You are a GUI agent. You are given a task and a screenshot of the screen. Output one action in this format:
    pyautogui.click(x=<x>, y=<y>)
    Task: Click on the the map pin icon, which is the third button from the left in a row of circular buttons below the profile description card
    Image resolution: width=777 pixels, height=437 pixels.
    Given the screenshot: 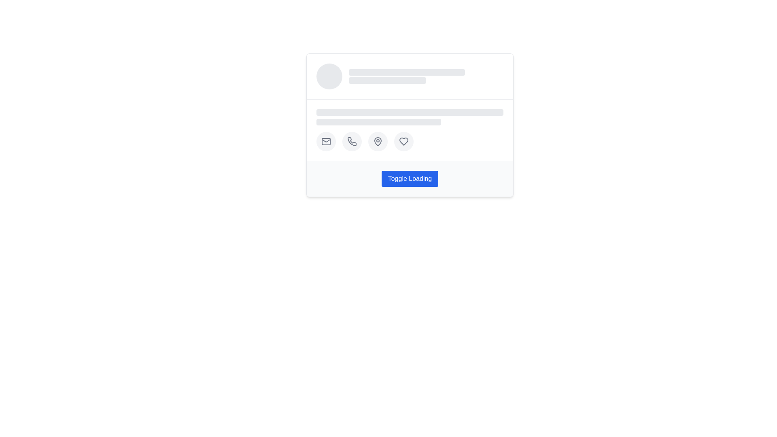 What is the action you would take?
    pyautogui.click(x=378, y=141)
    